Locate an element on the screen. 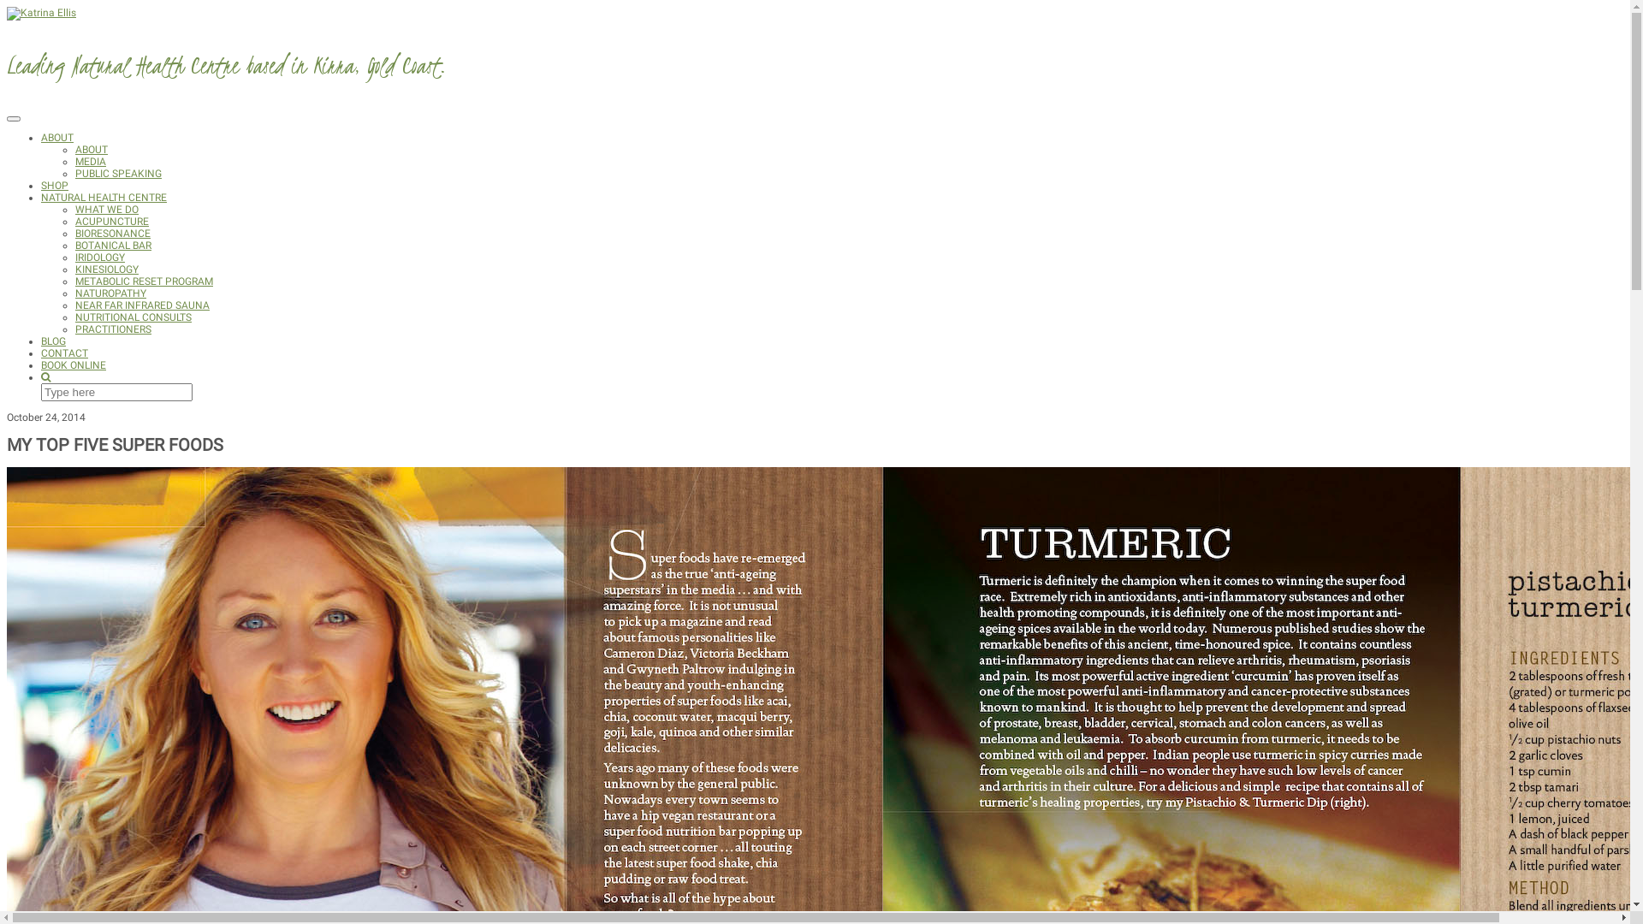  'ABOUT' is located at coordinates (57, 137).